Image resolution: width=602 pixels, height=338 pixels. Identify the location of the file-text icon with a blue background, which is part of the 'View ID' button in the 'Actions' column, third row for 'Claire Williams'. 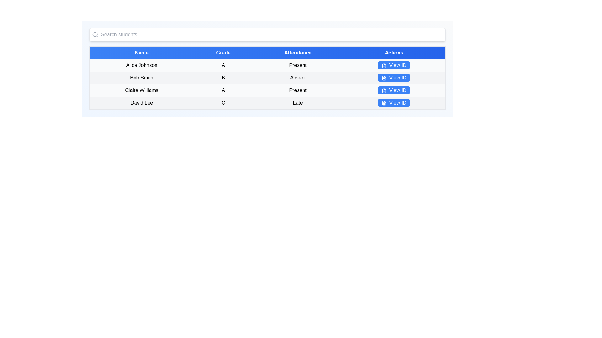
(384, 90).